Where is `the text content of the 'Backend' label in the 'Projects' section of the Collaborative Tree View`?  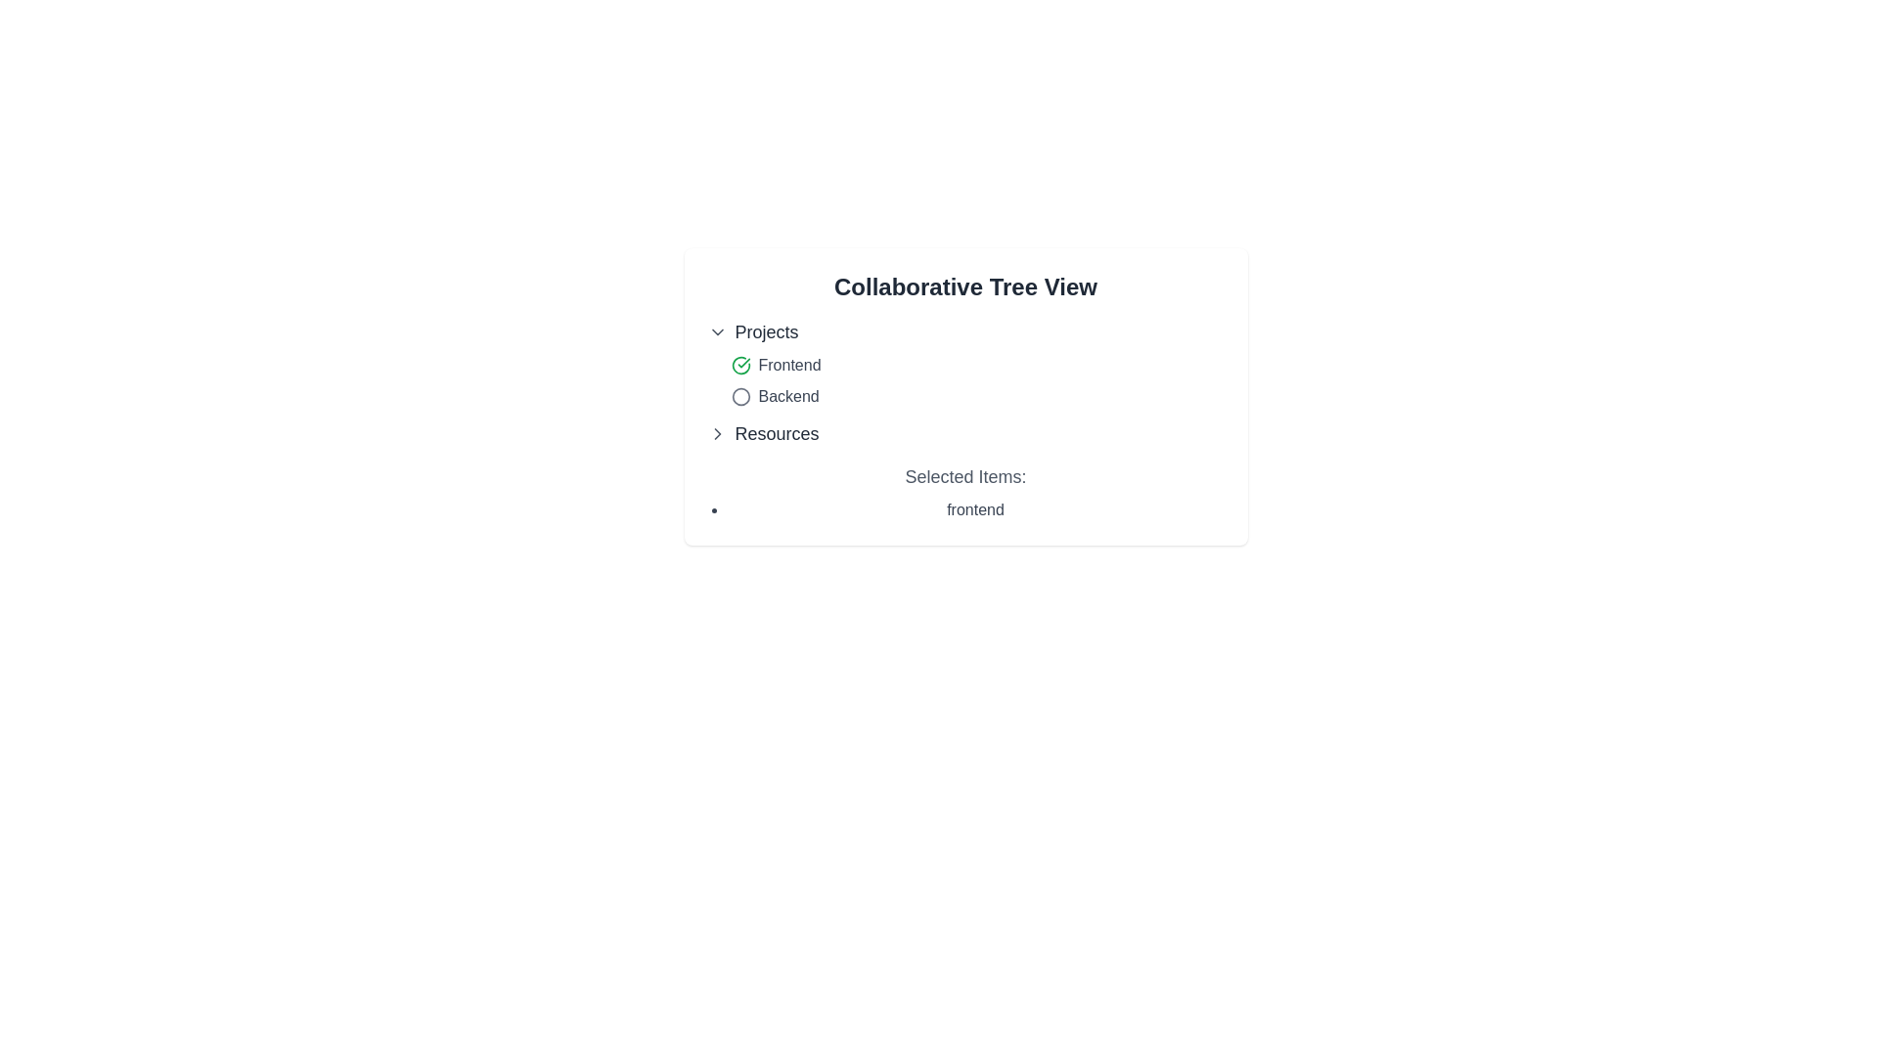
the text content of the 'Backend' label in the 'Projects' section of the Collaborative Tree View is located at coordinates (788, 396).